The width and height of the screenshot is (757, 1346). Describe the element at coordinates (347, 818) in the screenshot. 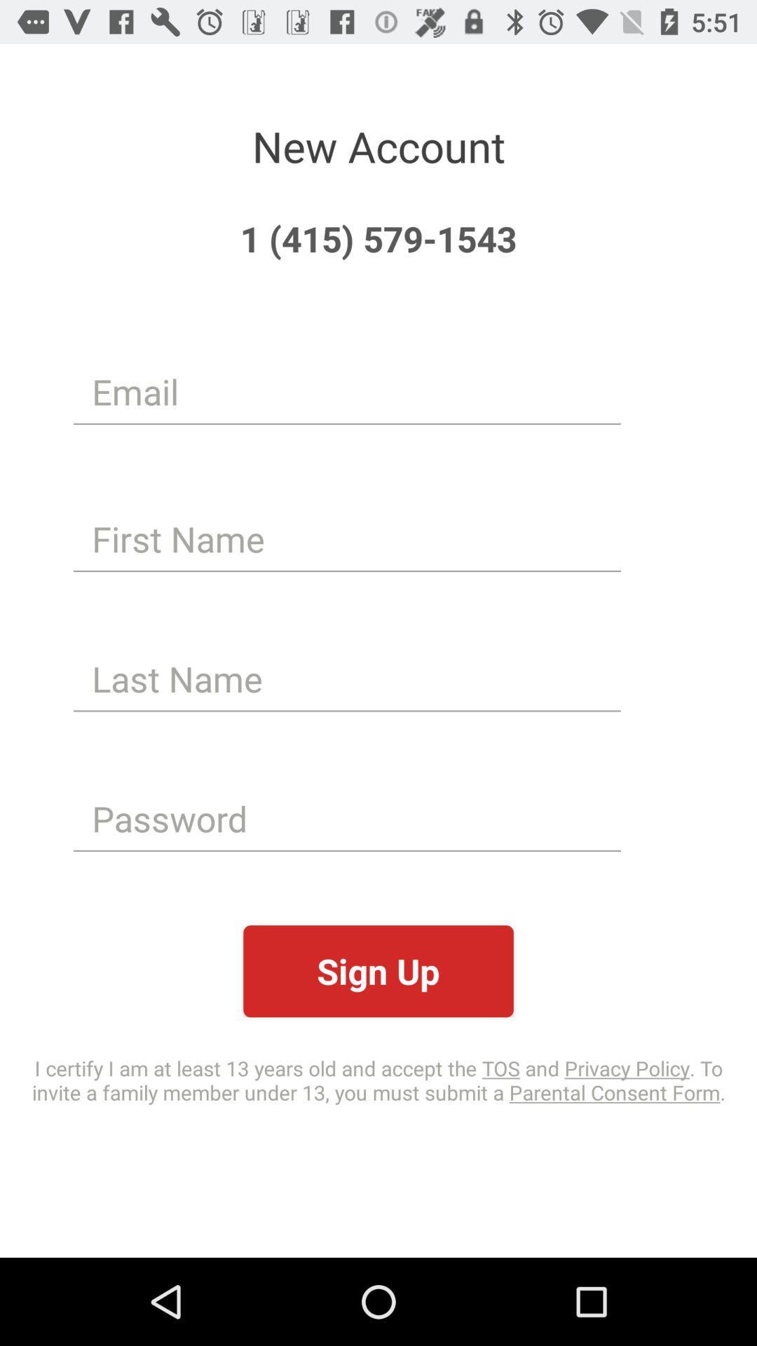

I see `the icon above sign up` at that location.